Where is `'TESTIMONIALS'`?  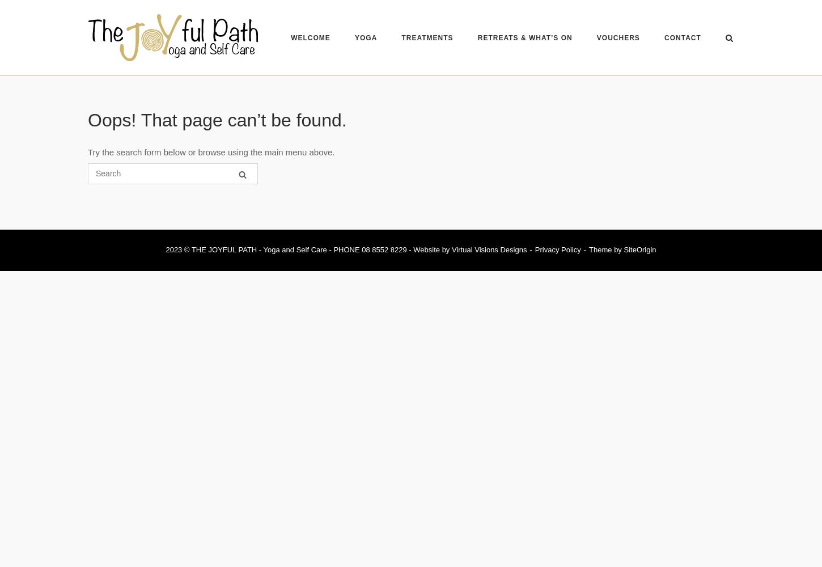 'TESTIMONIALS' is located at coordinates (516, 98).